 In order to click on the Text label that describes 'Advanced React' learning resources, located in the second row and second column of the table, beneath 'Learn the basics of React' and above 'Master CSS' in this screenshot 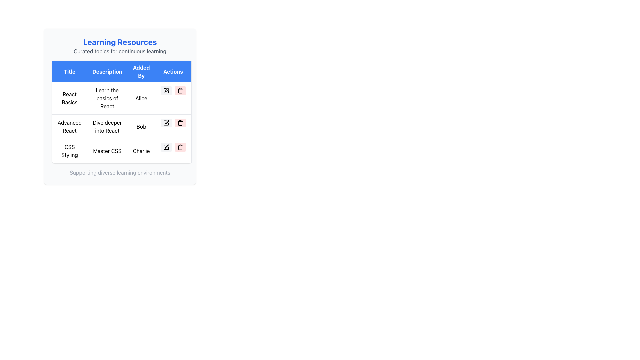, I will do `click(107, 127)`.